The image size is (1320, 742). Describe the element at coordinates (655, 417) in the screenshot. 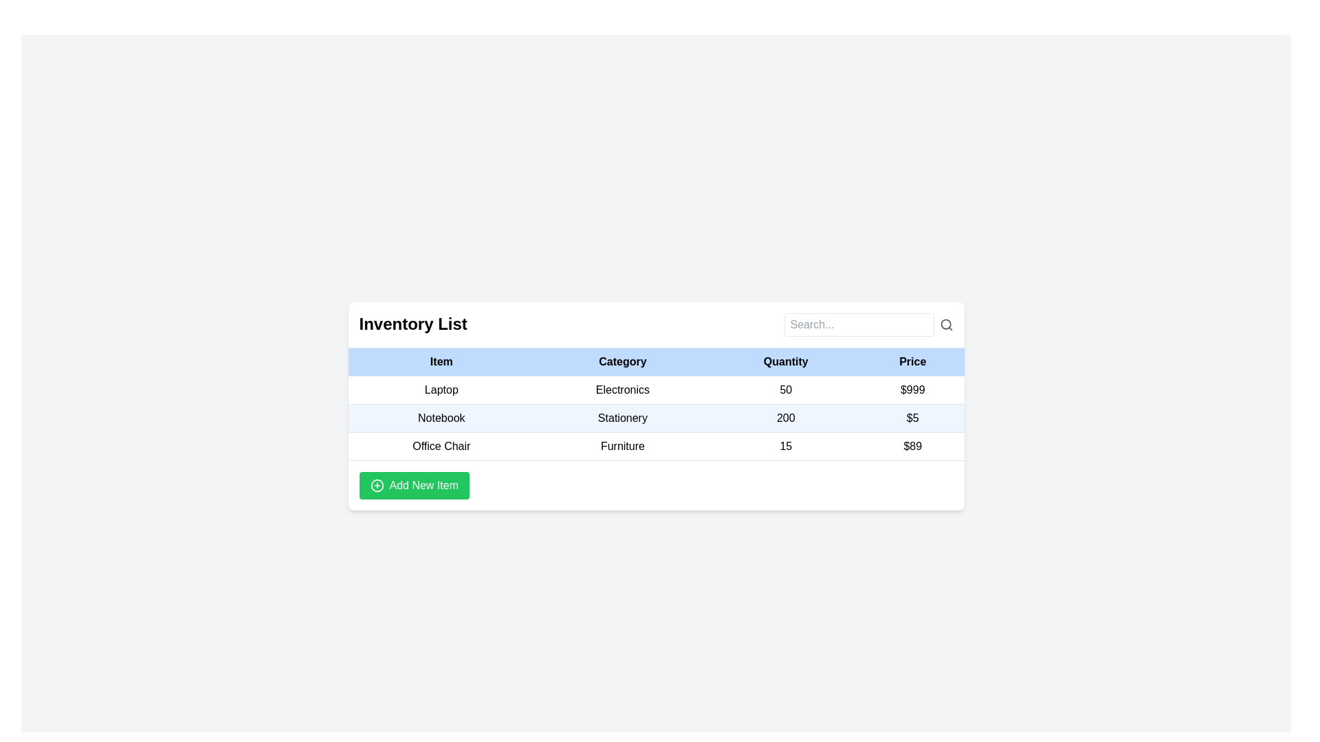

I see `the second row of the 'Inventory List' table` at that location.